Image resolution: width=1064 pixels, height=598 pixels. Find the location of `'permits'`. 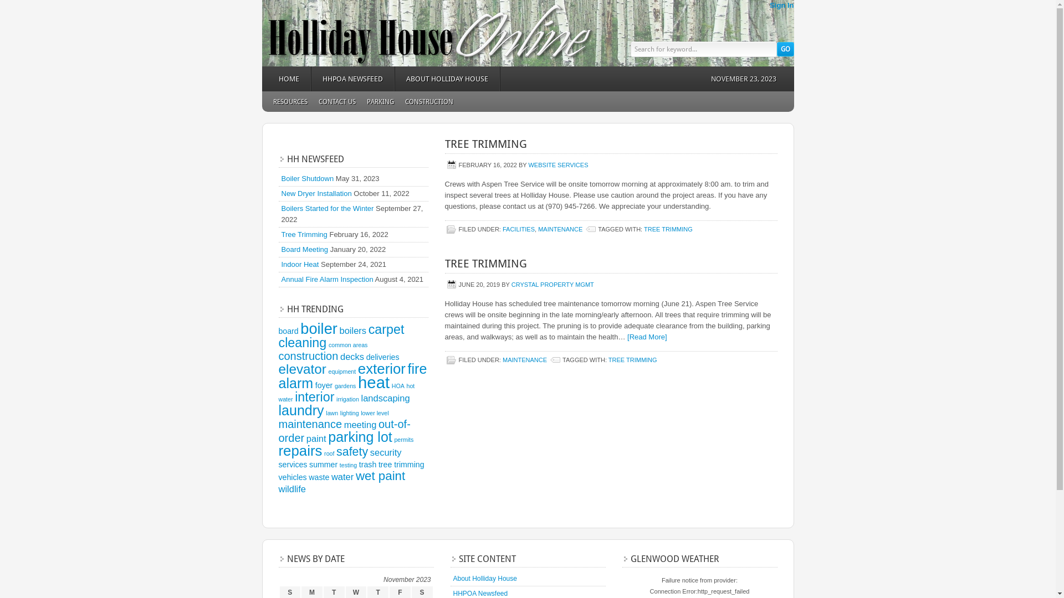

'permits' is located at coordinates (403, 439).